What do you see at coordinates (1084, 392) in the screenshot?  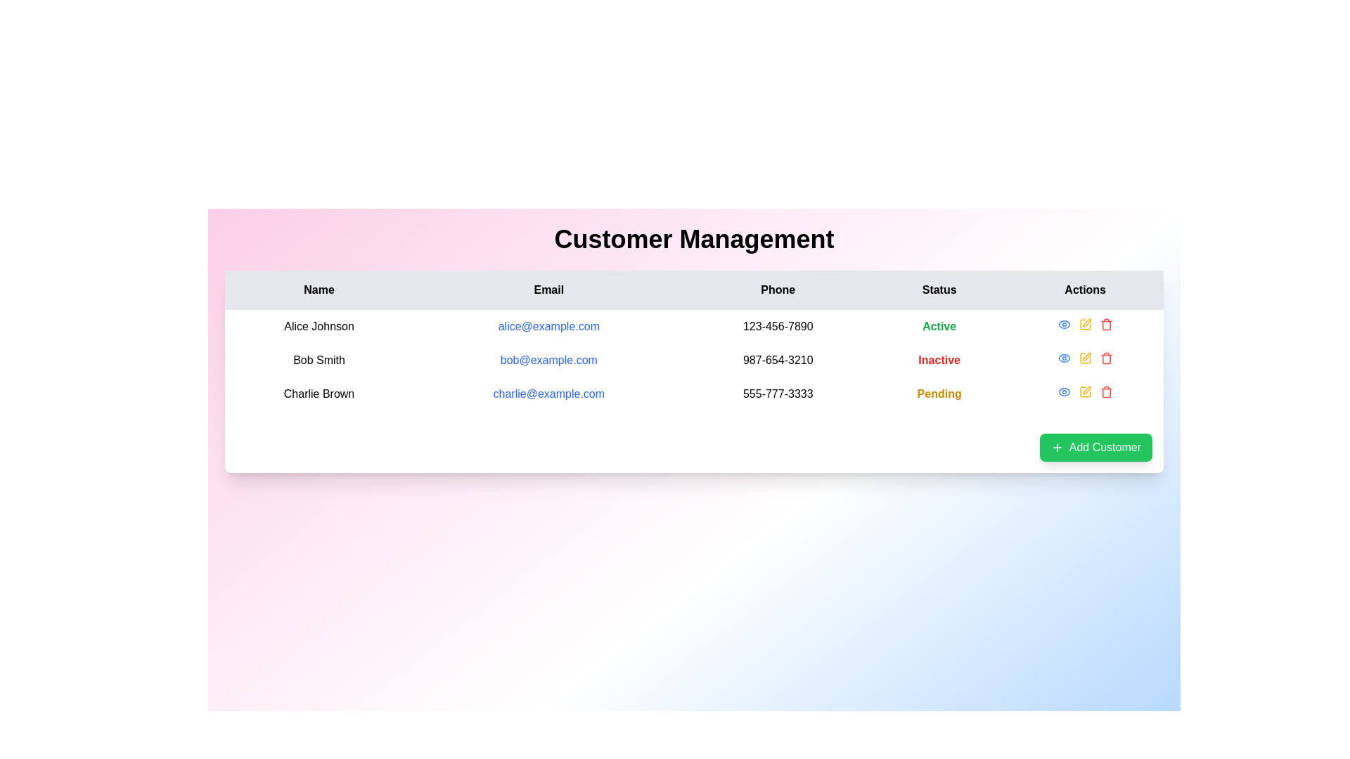 I see `the yellow square icon with a pencil symbol in the 'Actions' column of the third row (Charlie Brown) to initiate editing` at bounding box center [1084, 392].